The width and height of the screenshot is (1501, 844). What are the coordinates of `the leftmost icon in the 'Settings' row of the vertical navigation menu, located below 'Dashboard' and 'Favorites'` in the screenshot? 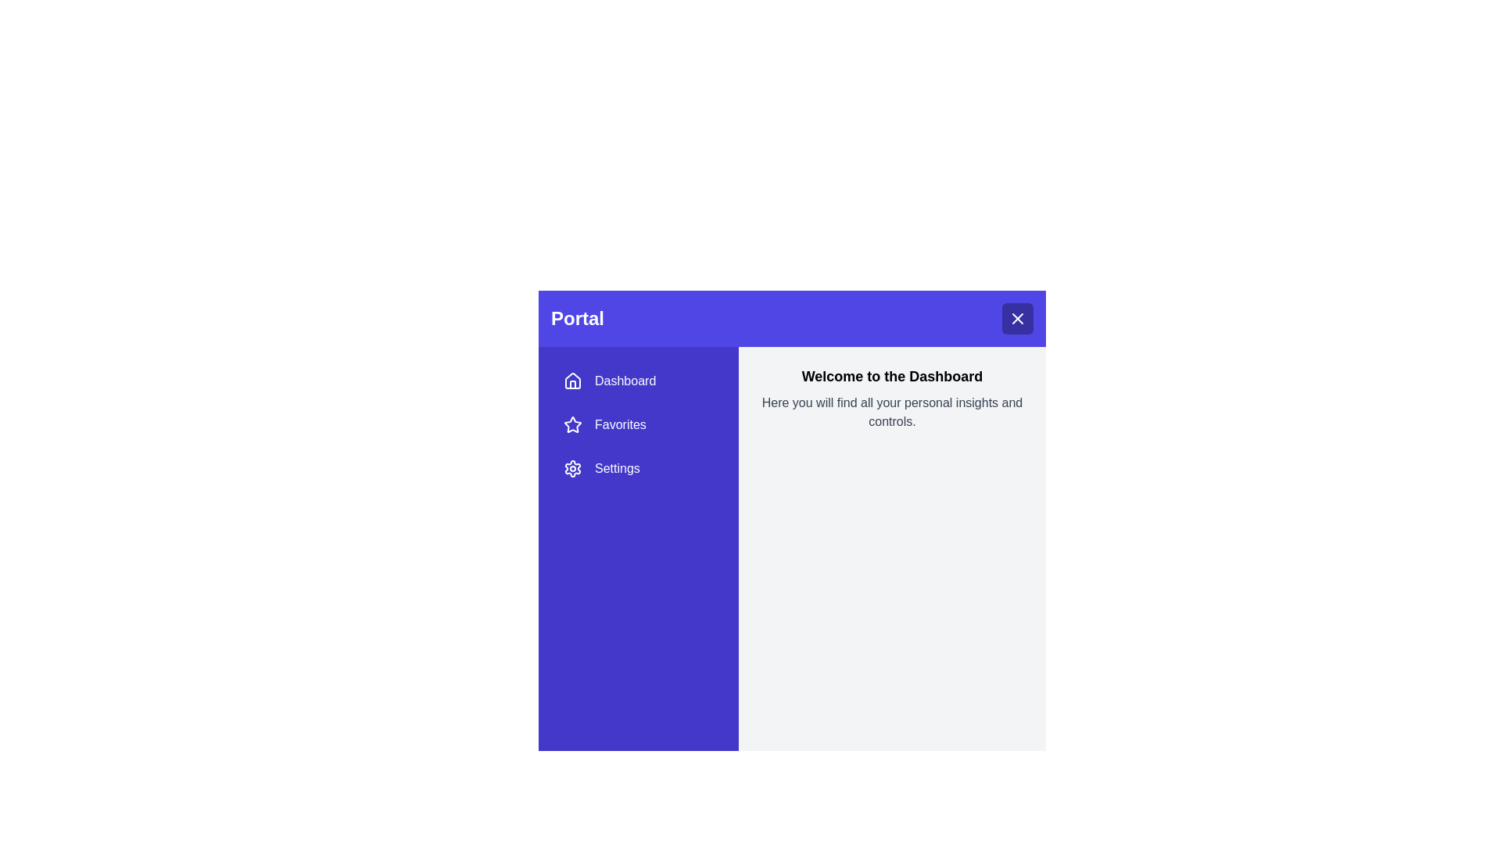 It's located at (572, 468).